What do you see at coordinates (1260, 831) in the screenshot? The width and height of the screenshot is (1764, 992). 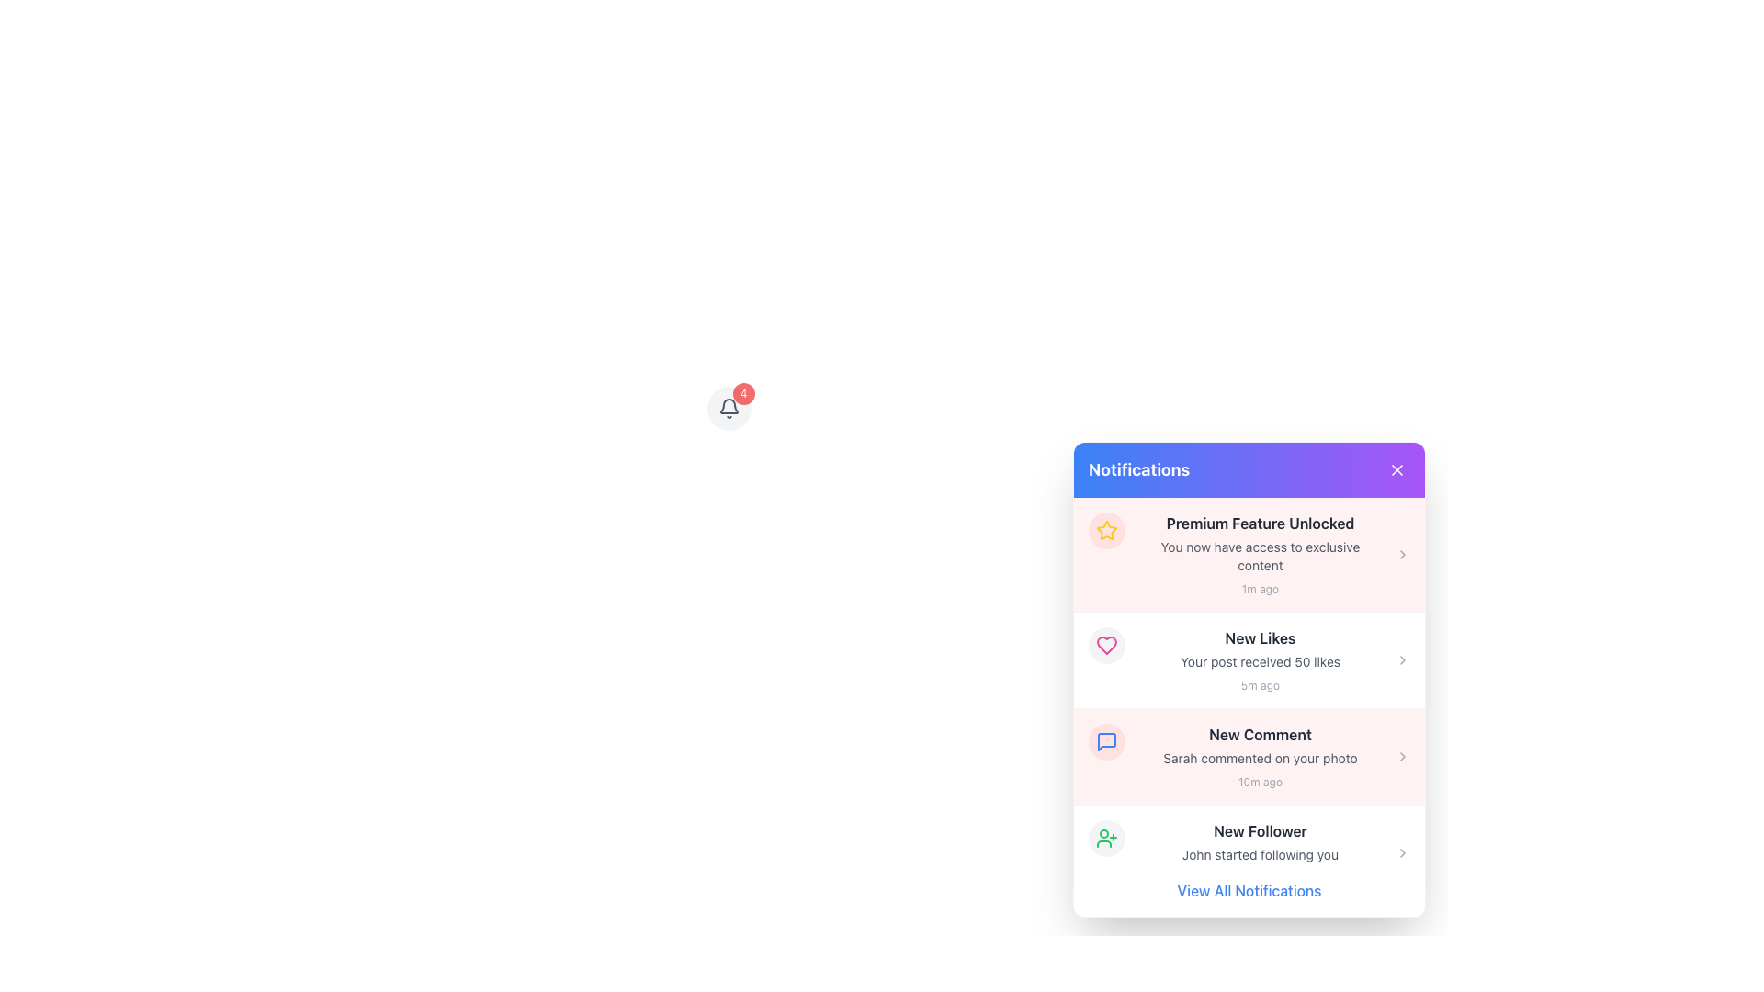 I see `text label displaying 'New Follower' which is in bold dark font and styled with a gray hue, located in the notification list above the line 'John started following you'` at bounding box center [1260, 831].